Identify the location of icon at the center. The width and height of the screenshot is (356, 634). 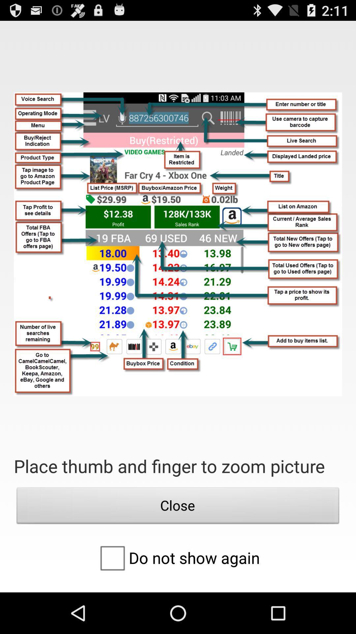
(178, 244).